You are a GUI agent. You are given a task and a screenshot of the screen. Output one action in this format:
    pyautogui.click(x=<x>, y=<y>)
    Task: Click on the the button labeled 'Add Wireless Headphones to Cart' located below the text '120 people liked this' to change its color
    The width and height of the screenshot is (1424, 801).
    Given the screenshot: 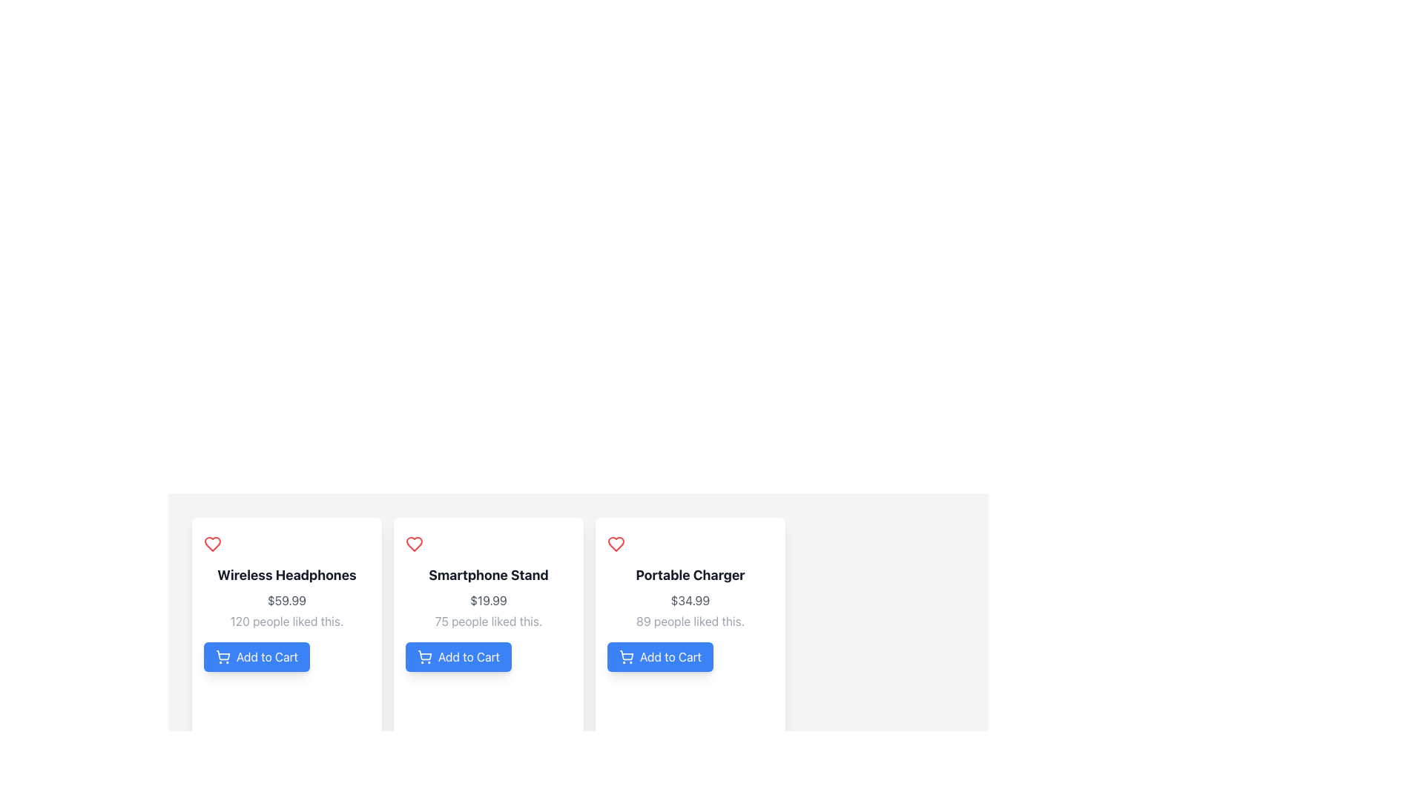 What is the action you would take?
    pyautogui.click(x=257, y=656)
    